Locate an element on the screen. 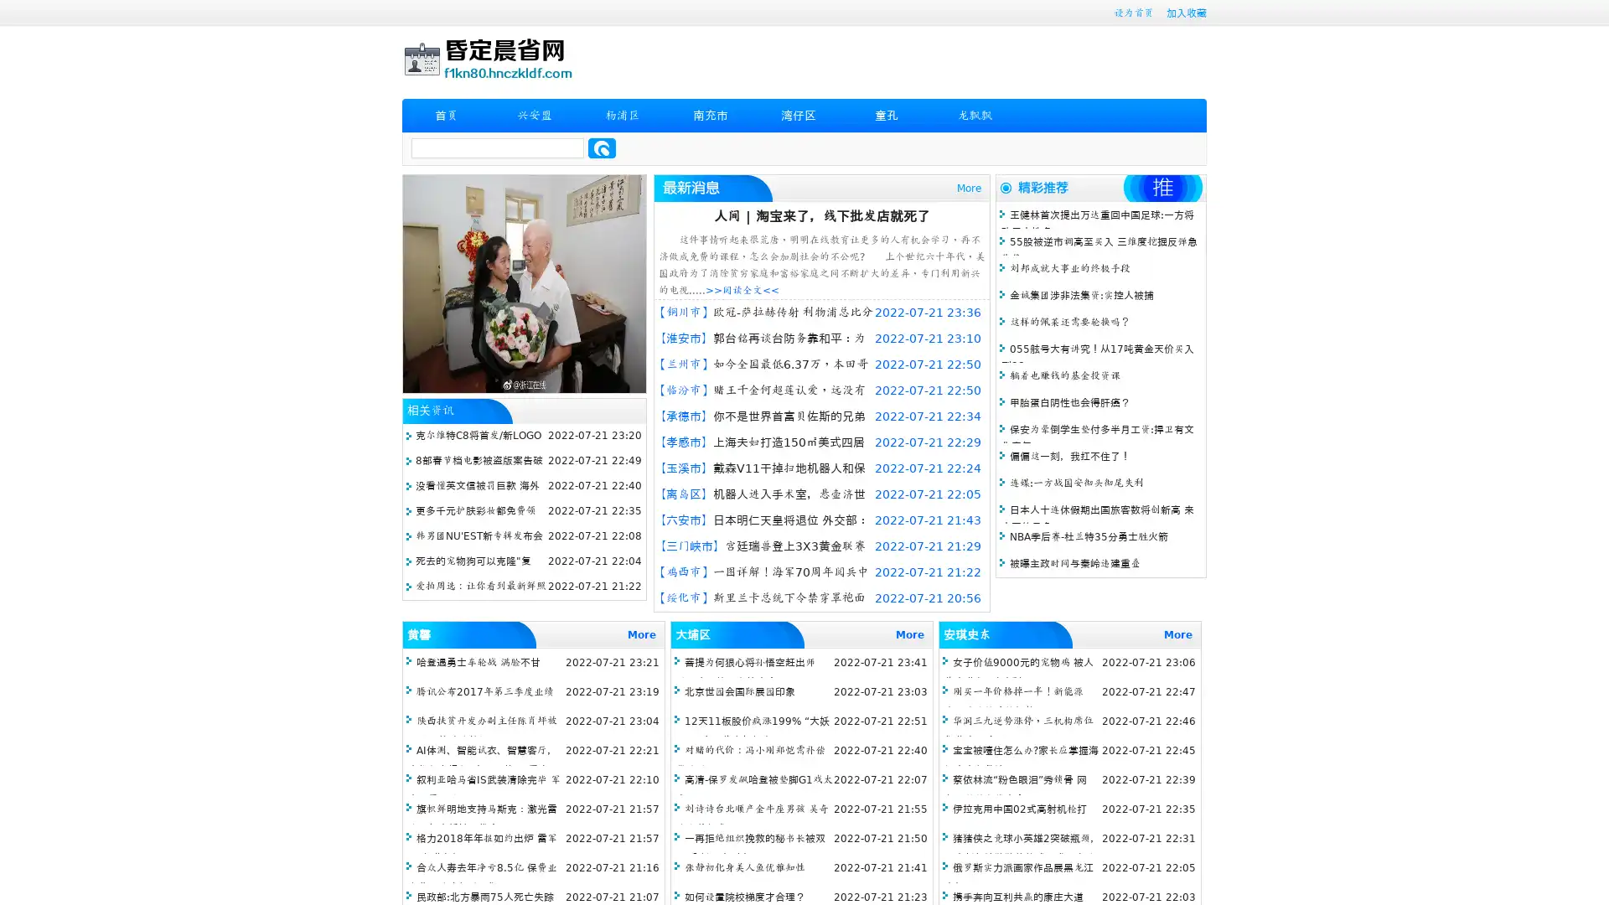 Image resolution: width=1609 pixels, height=905 pixels. Search is located at coordinates (602, 147).